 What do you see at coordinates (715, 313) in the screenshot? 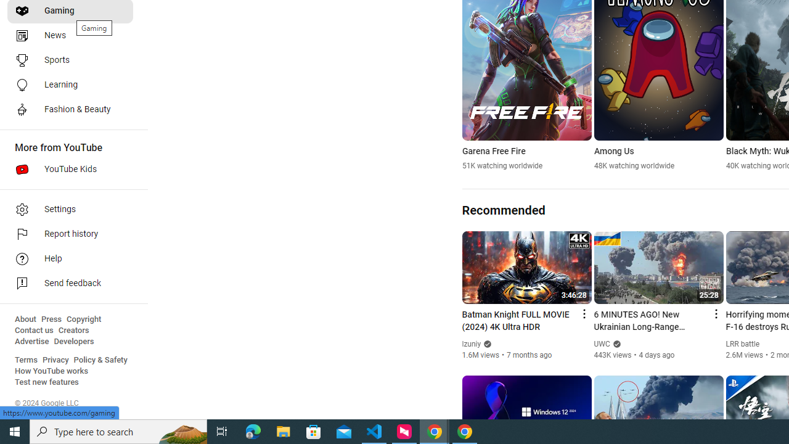
I see `'Action menu'` at bounding box center [715, 313].